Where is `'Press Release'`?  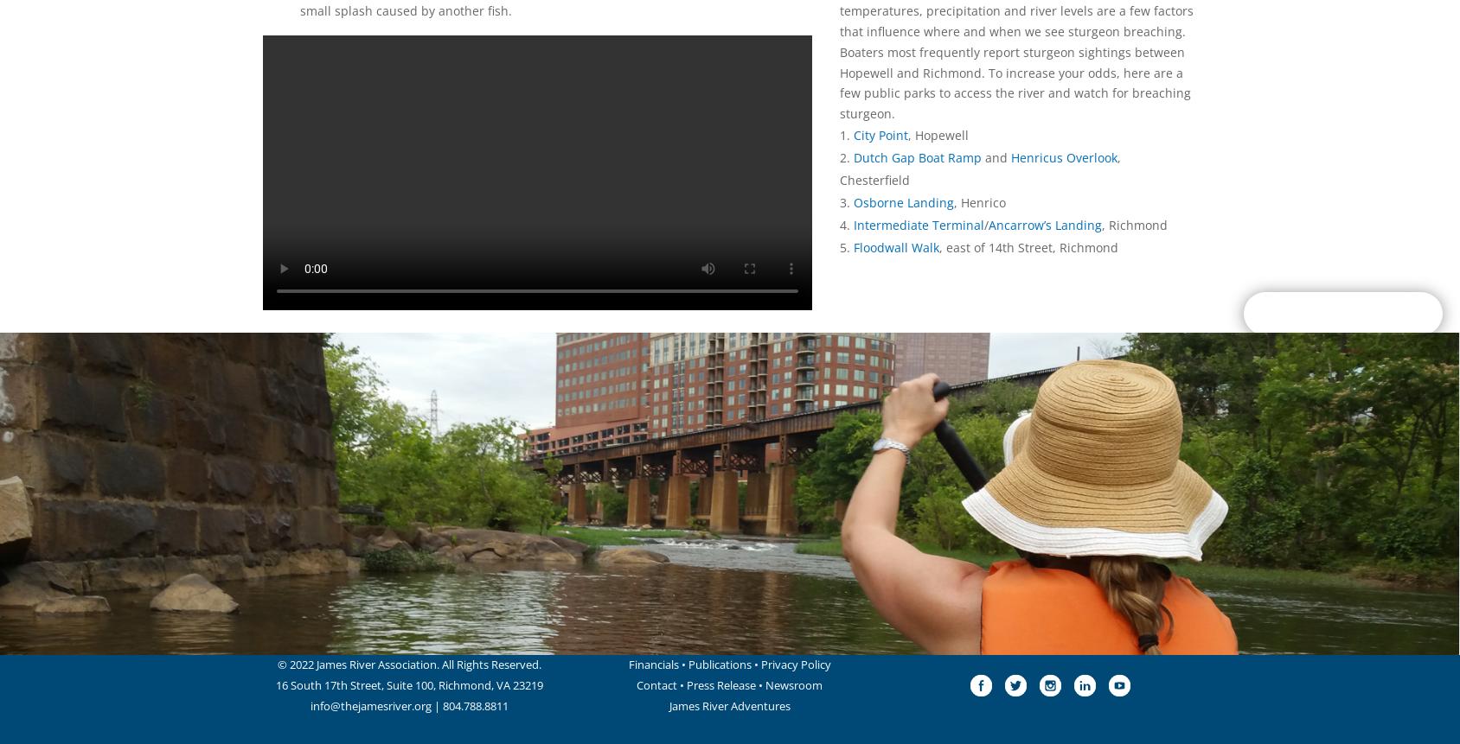
'Press Release' is located at coordinates (687, 685).